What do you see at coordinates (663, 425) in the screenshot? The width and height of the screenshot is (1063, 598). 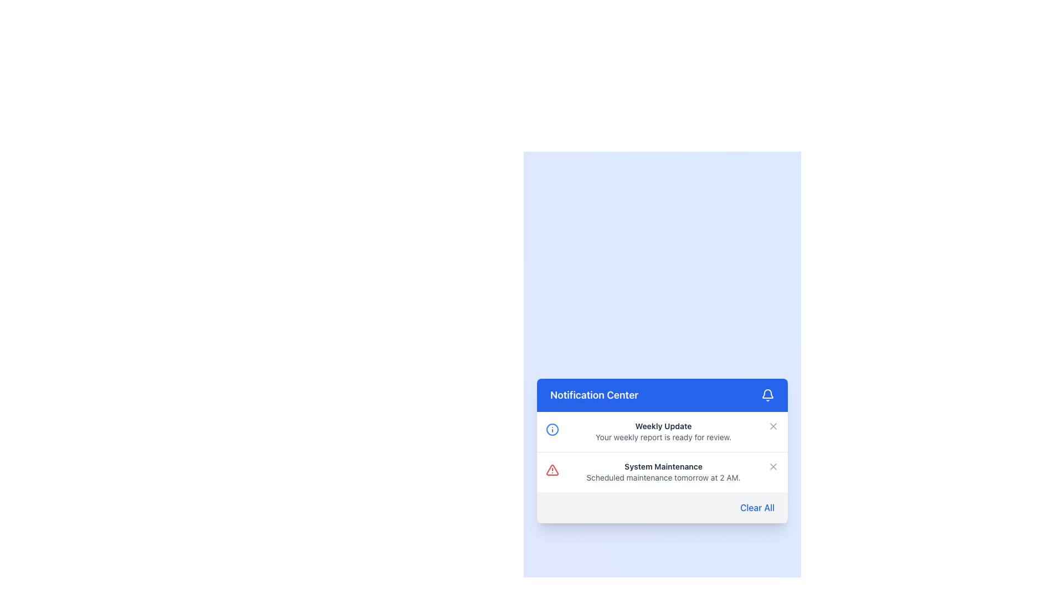 I see `the 'Weekly Update' text element, which is a bold, grayish-black heading located in the notification panel, positioned under the 'Notification Center' header` at bounding box center [663, 425].